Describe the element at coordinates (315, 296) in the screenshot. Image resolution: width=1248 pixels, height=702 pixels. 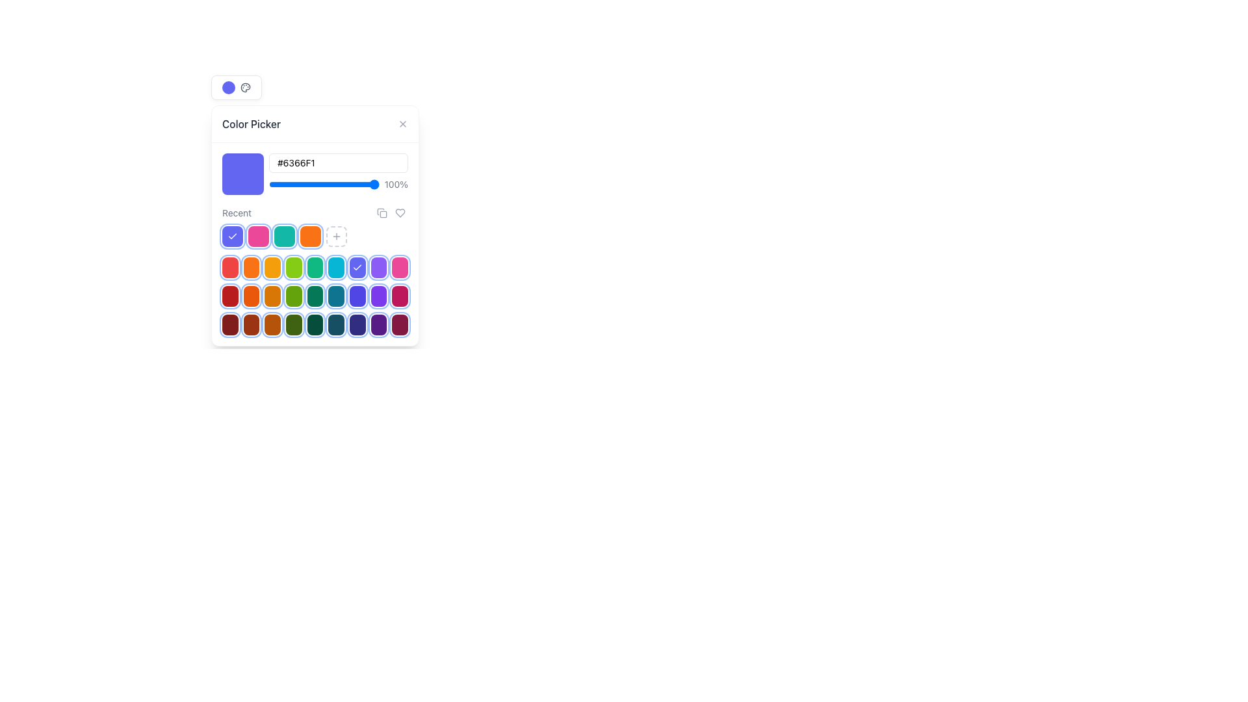
I see `the fifth block of the interactive color selection grid row` at that location.